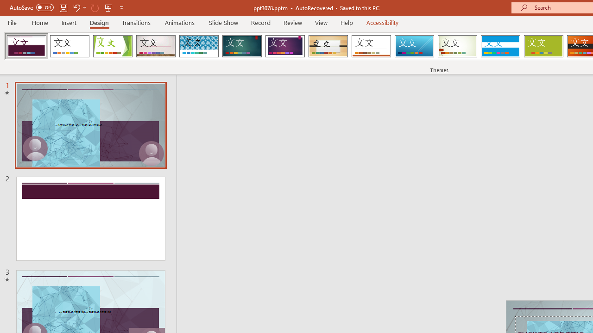 The height and width of the screenshot is (333, 593). I want to click on 'Integral', so click(198, 46).